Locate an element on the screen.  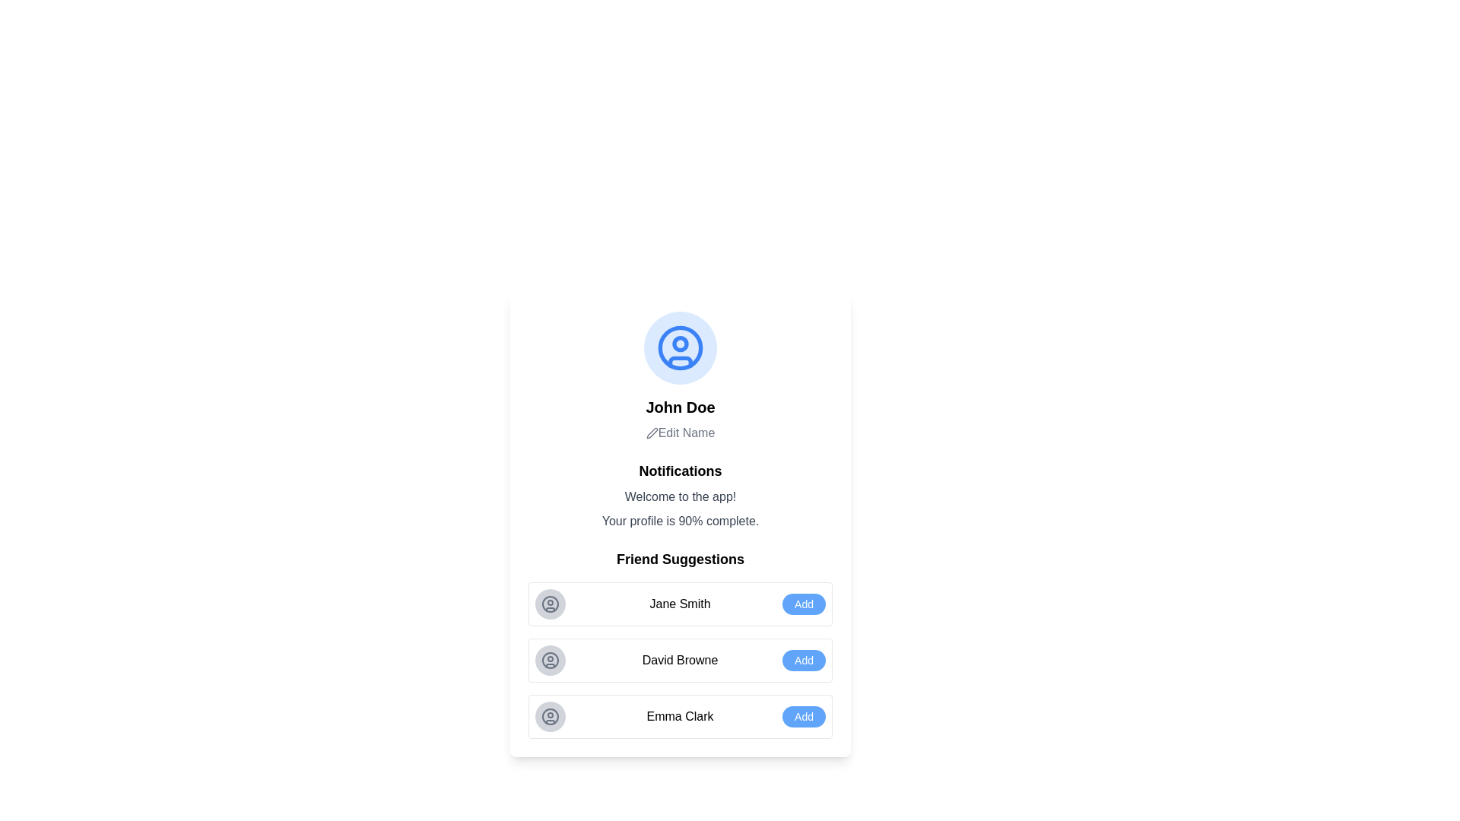
text of the label for the suggested friend in the third item of the 'Friend Suggestions' list, positioned between the avatar icon and the 'Add' button is located at coordinates (679, 716).